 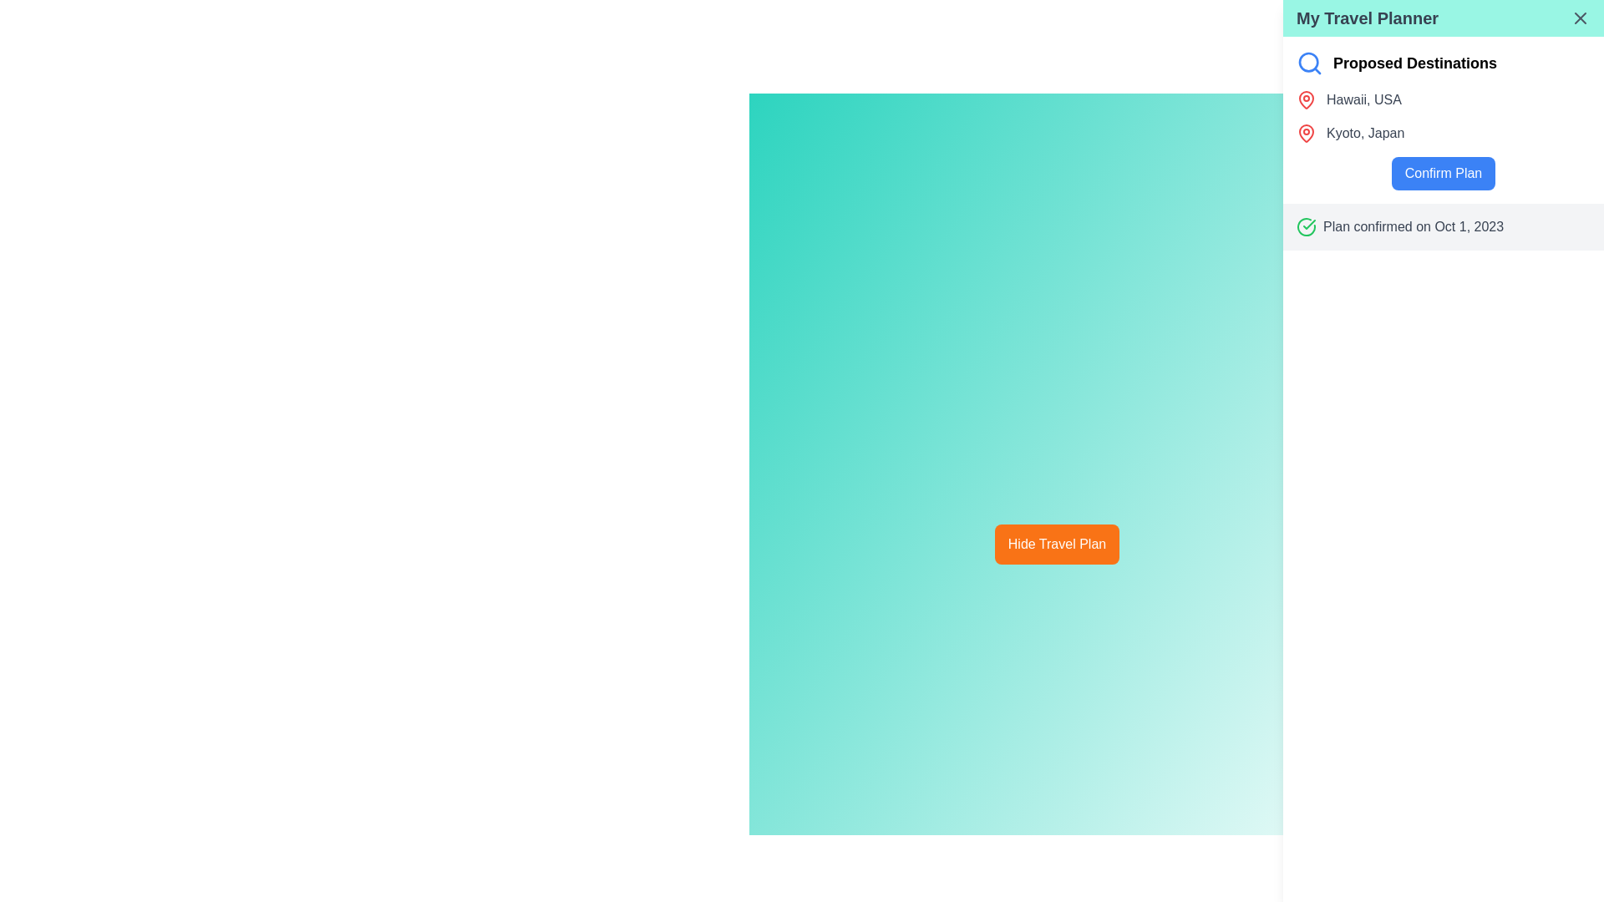 I want to click on the header or label indicating the section for proposed travel destinations in the 'My Travel Planner' panel, located at the top right section above the list of destinations, so click(x=1443, y=63).